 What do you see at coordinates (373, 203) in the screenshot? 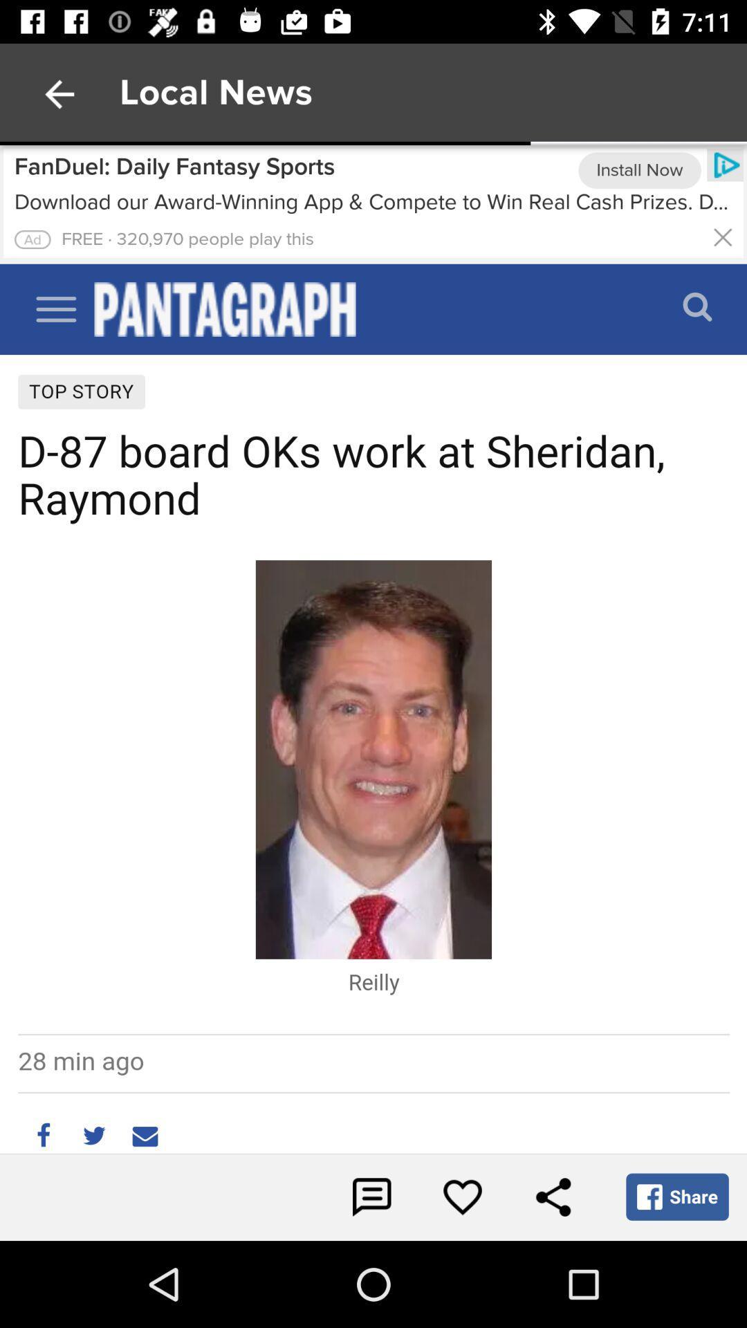
I see `advertisement` at bounding box center [373, 203].